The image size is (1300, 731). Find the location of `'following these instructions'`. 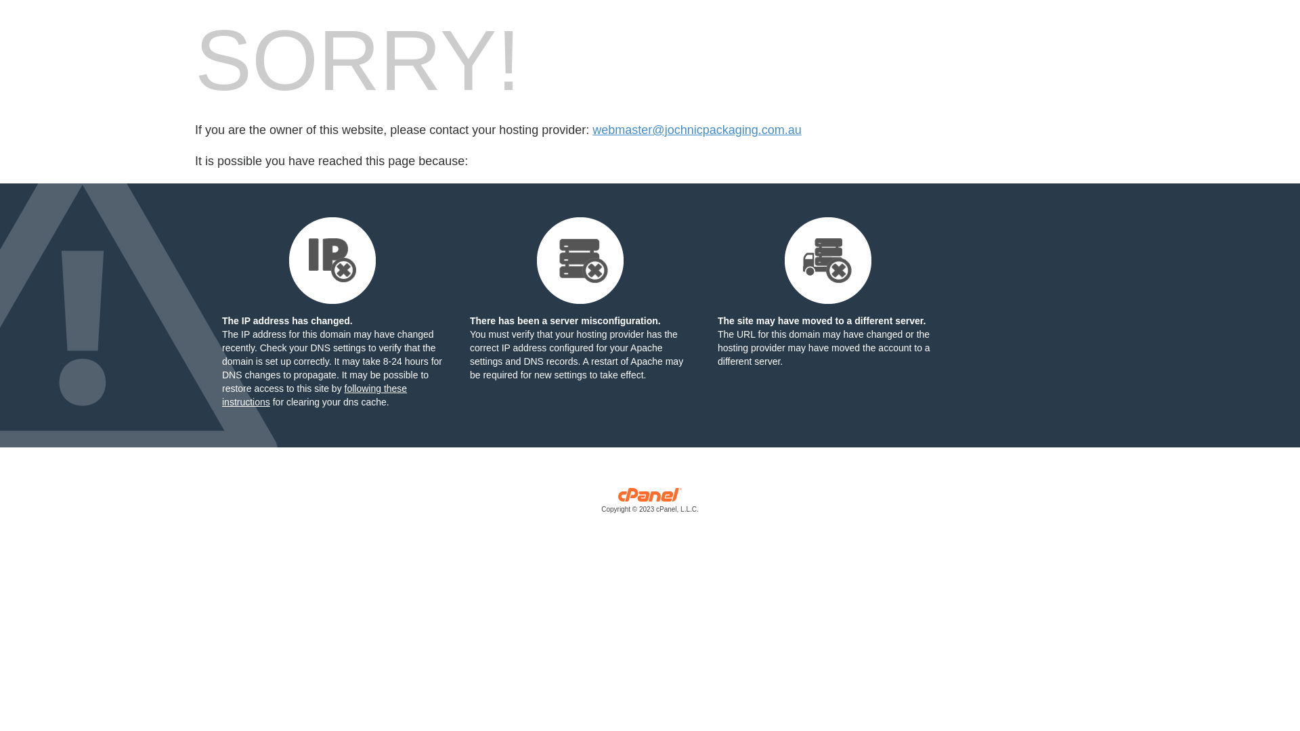

'following these instructions' is located at coordinates (313, 395).